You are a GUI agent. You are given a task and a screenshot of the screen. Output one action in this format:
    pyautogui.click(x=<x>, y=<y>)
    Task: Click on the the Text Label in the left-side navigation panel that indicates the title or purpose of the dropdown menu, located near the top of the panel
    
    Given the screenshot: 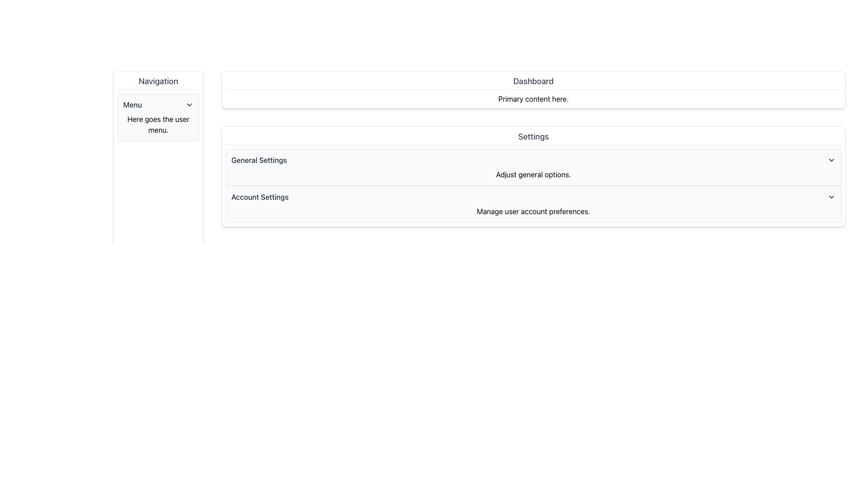 What is the action you would take?
    pyautogui.click(x=132, y=104)
    